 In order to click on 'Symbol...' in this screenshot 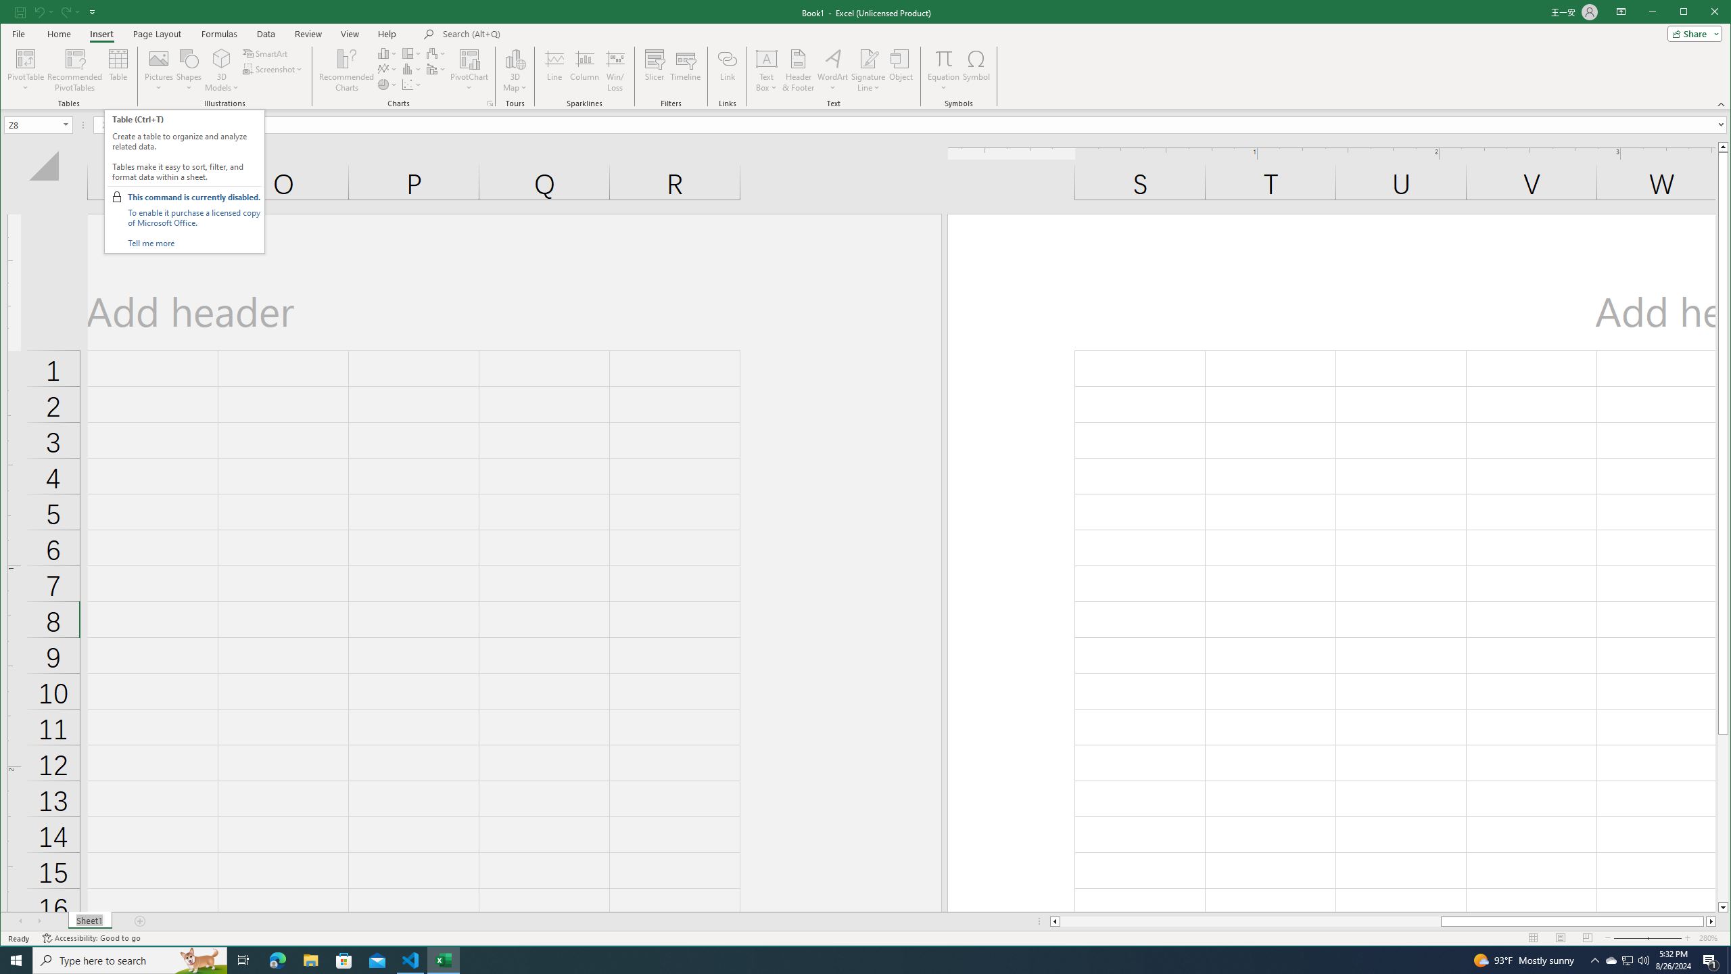, I will do `click(976, 70)`.